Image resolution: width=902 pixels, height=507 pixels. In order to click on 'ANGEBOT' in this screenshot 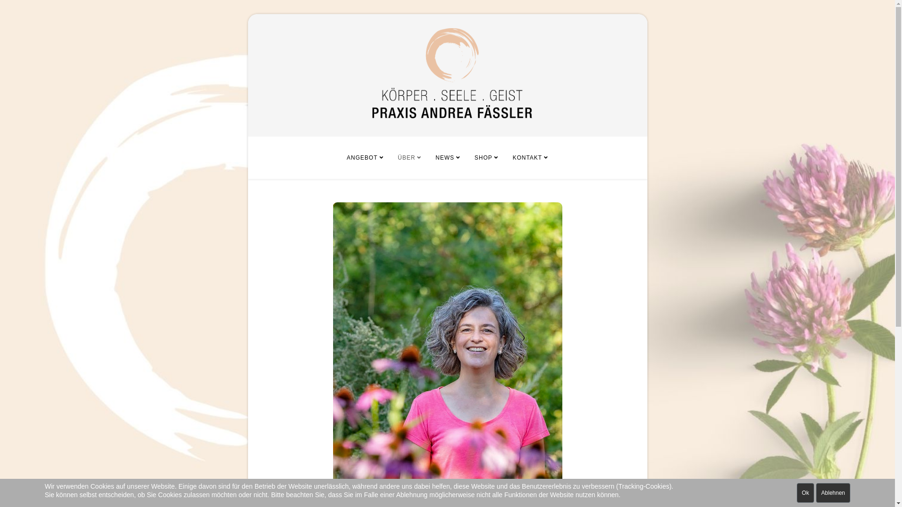, I will do `click(365, 157)`.